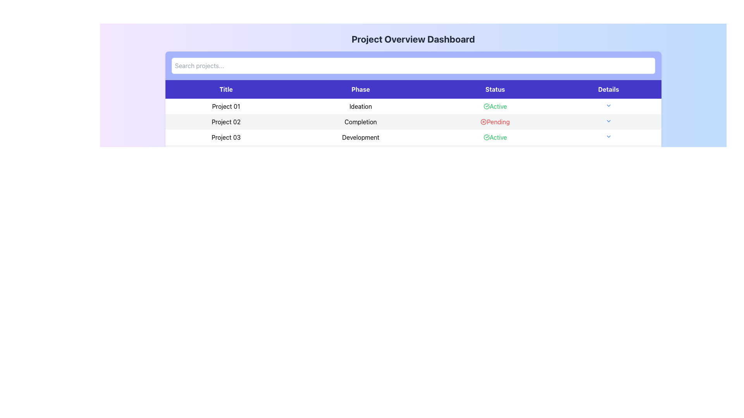  What do you see at coordinates (360, 137) in the screenshot?
I see `the text label displaying 'Development' in the 'Phase' column of the 'Project 03' row in the table` at bounding box center [360, 137].